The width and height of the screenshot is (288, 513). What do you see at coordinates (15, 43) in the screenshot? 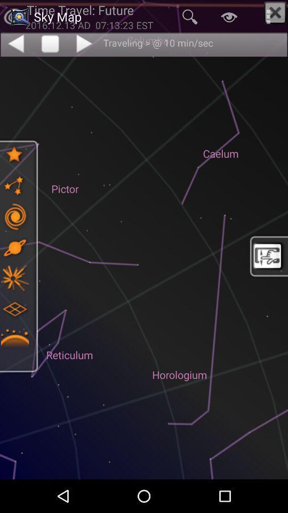
I see `the arrow_backward icon` at bounding box center [15, 43].